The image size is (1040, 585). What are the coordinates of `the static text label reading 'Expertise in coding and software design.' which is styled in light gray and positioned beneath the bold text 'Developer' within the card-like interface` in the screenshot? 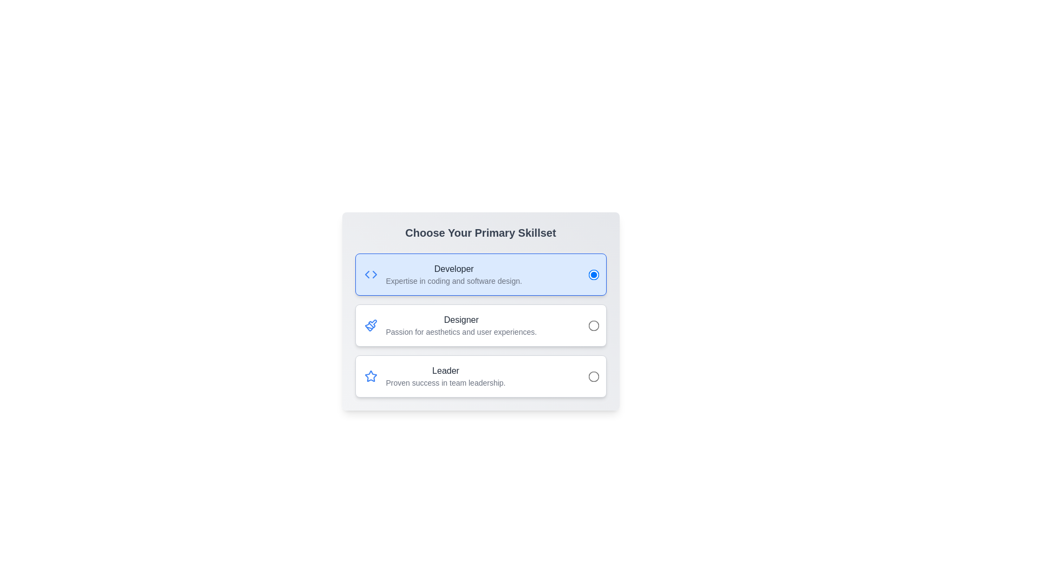 It's located at (454, 281).